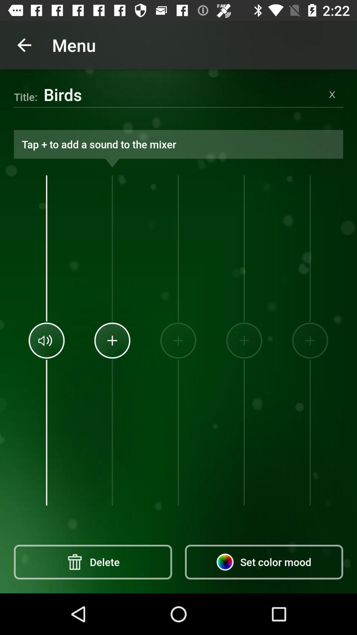 The image size is (357, 635). What do you see at coordinates (182, 94) in the screenshot?
I see `birds item` at bounding box center [182, 94].